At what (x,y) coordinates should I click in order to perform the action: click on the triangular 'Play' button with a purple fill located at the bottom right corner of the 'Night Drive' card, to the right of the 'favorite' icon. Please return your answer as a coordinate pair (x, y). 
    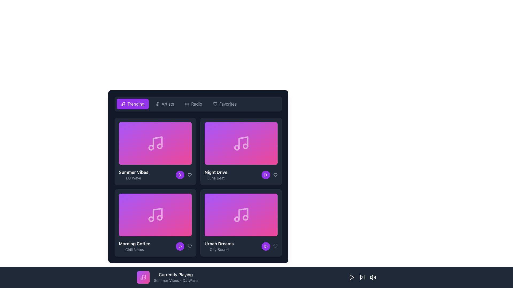
    Looking at the image, I should click on (266, 175).